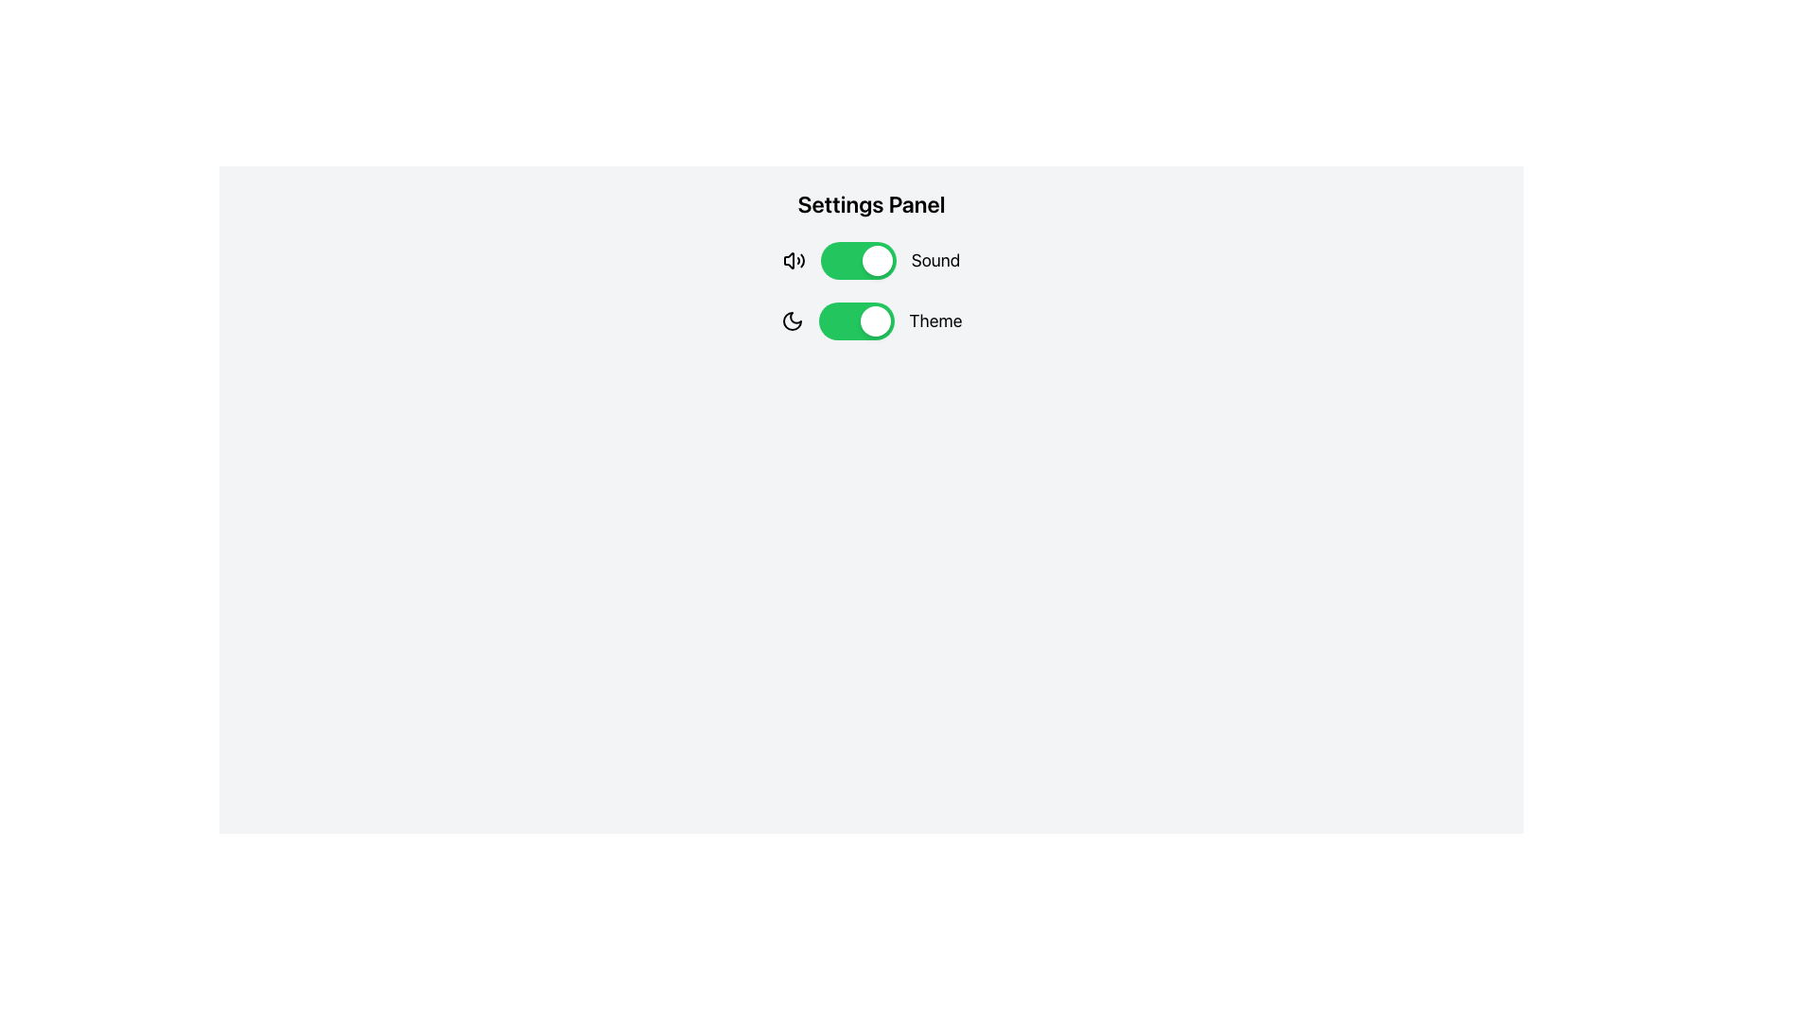  What do you see at coordinates (935, 261) in the screenshot?
I see `text label indicating the 'Sound' setting, which is located on the right side of the toggle switch in the settings section` at bounding box center [935, 261].